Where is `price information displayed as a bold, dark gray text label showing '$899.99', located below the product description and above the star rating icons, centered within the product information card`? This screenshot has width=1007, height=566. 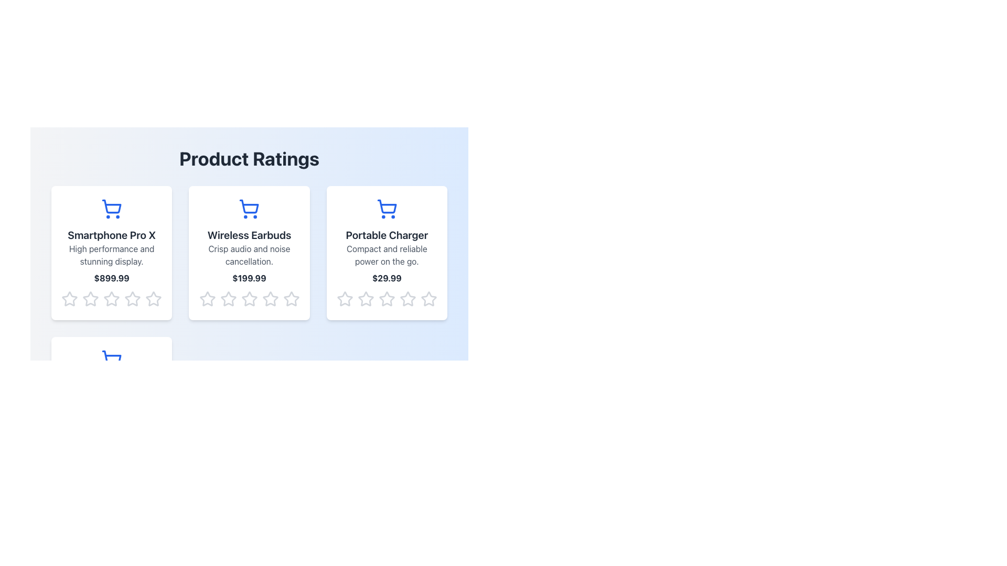
price information displayed as a bold, dark gray text label showing '$899.99', located below the product description and above the star rating icons, centered within the product information card is located at coordinates (112, 278).